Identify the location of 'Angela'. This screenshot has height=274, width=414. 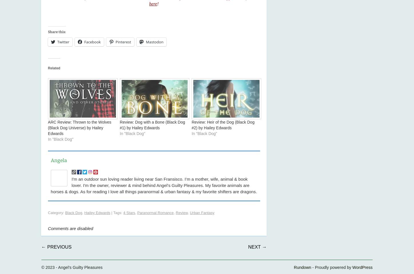
(58, 160).